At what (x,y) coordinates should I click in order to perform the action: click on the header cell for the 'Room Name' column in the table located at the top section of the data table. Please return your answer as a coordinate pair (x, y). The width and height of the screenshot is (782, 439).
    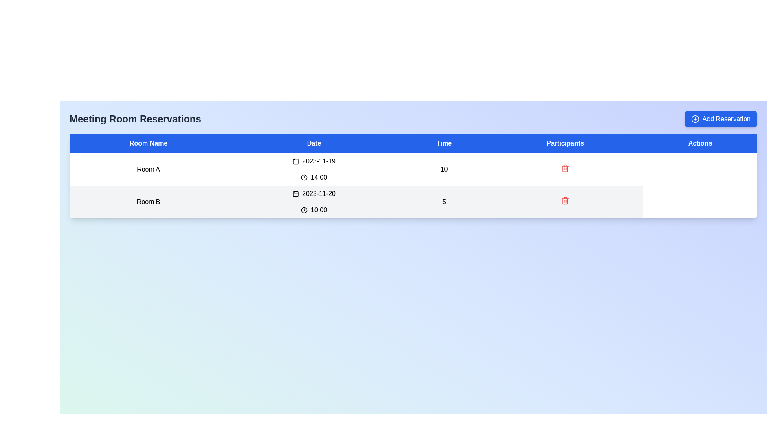
    Looking at the image, I should click on (148, 143).